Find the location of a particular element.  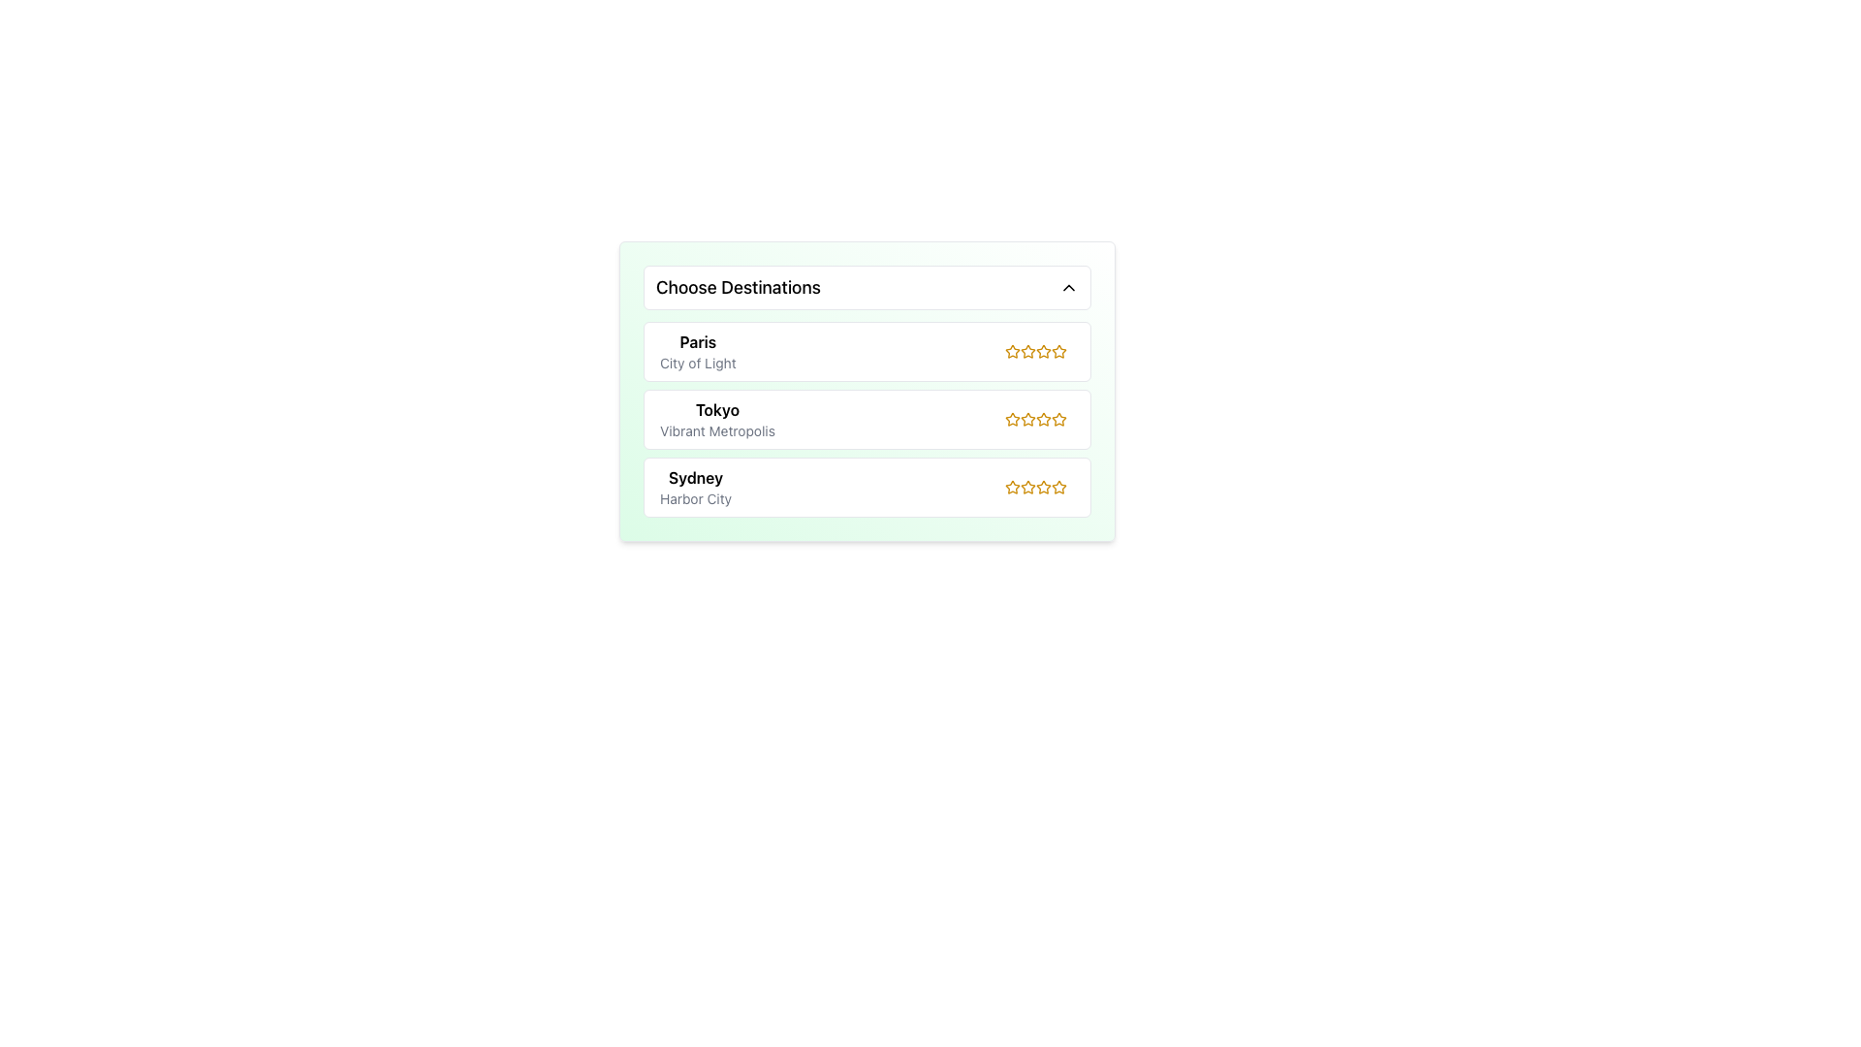

the text label 'Sydney' in the third item of the 'Choose Destinations' list, which is styled in bold and positioned above the subtitle 'Harbor City' is located at coordinates (696, 478).